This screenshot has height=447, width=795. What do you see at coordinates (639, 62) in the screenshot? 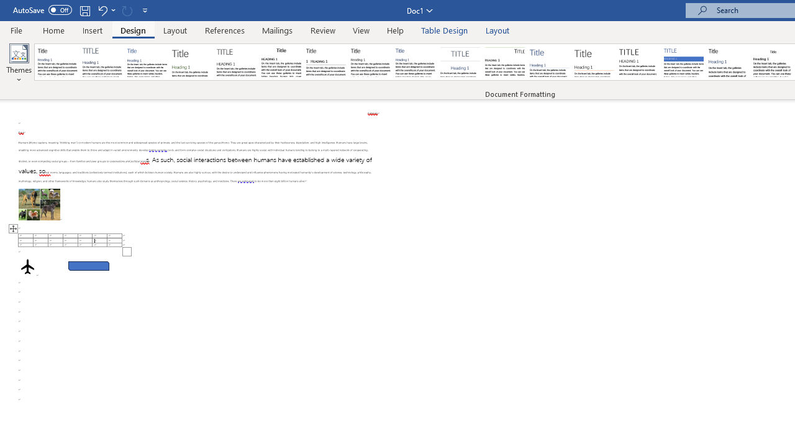
I see `'Minimalist'` at bounding box center [639, 62].